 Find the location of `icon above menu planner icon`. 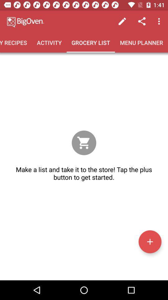

icon above menu planner icon is located at coordinates (142, 21).